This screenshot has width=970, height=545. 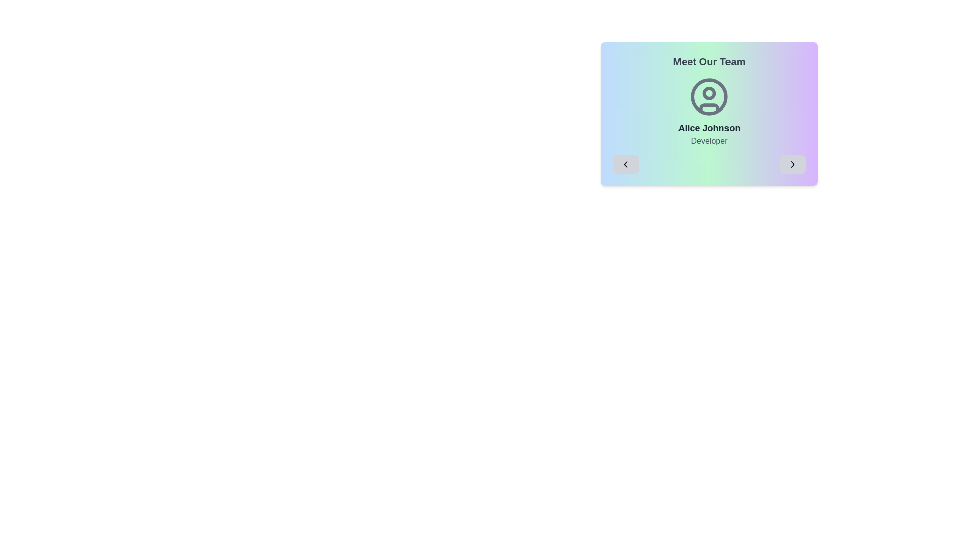 What do you see at coordinates (708, 124) in the screenshot?
I see `the user profile component featuring a circular avatar icon, the name 'Alice Johnson', and the title 'Developer' located within the 'Meet Our Team' card layout` at bounding box center [708, 124].